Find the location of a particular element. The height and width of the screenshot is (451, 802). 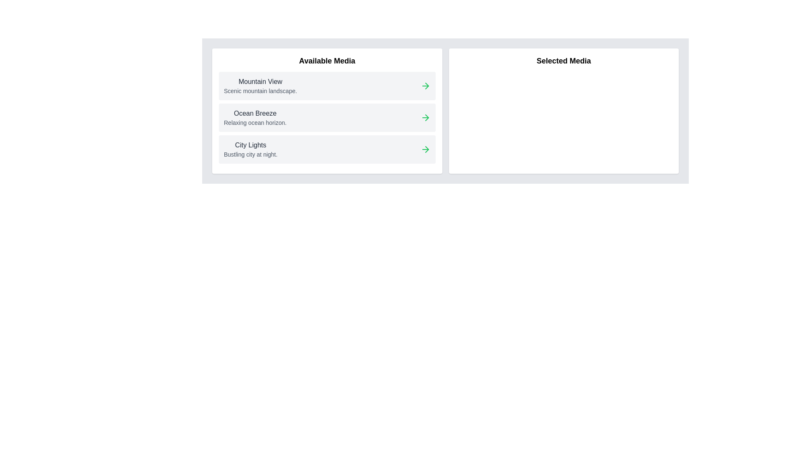

green arrow next to the item Mountain View to transfer it to the 'Selected Media' section is located at coordinates (425, 86).